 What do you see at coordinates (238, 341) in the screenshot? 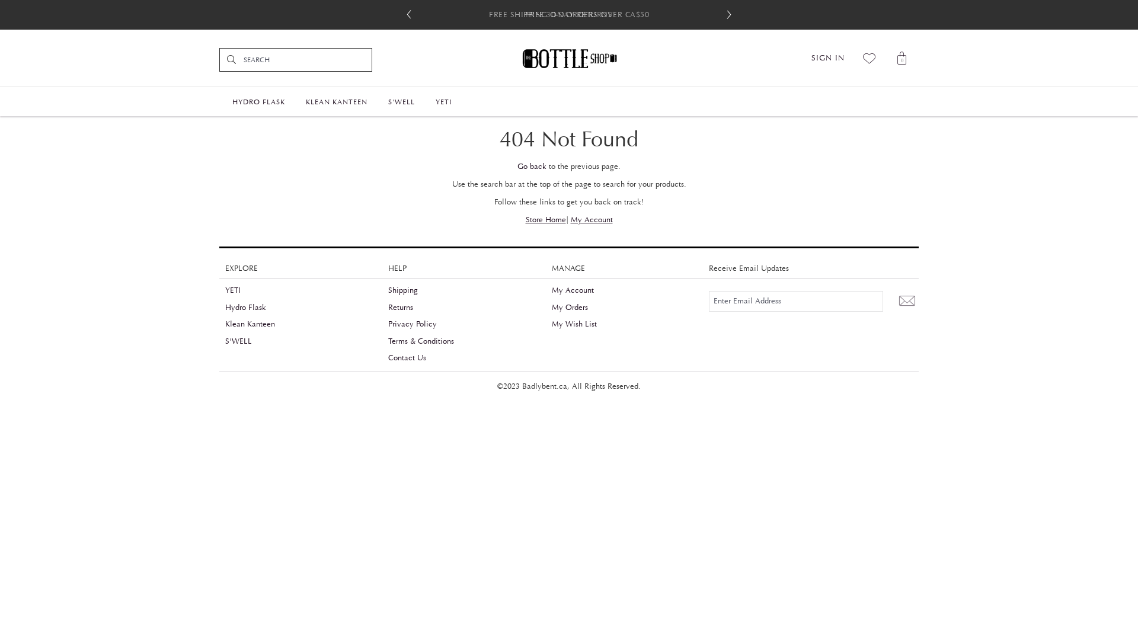
I see `'S'WELL'` at bounding box center [238, 341].